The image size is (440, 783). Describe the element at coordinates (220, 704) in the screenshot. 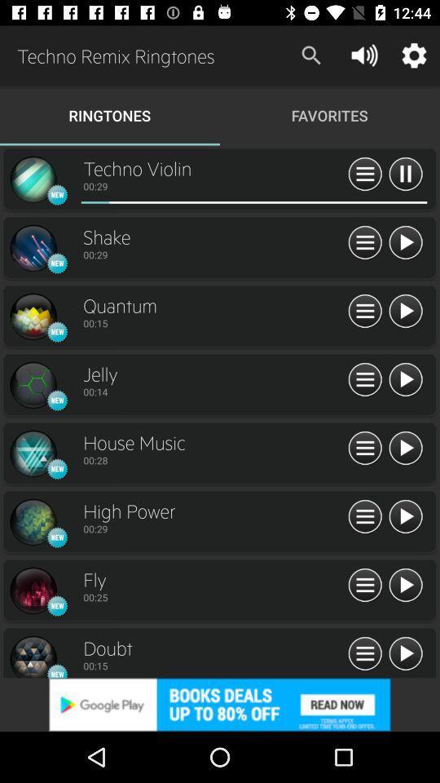

I see `advertisement 's website` at that location.